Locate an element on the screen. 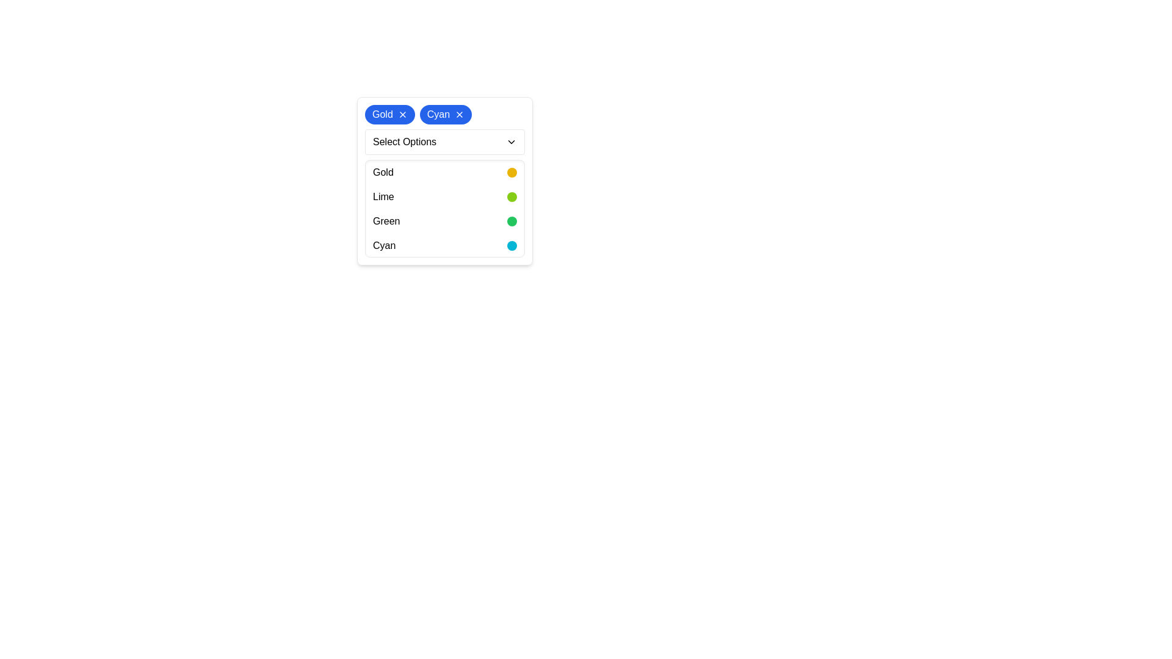 The image size is (1172, 659). the small circular green color indicator located to the right of the label 'Green' in the dropdown interface is located at coordinates (512, 221).